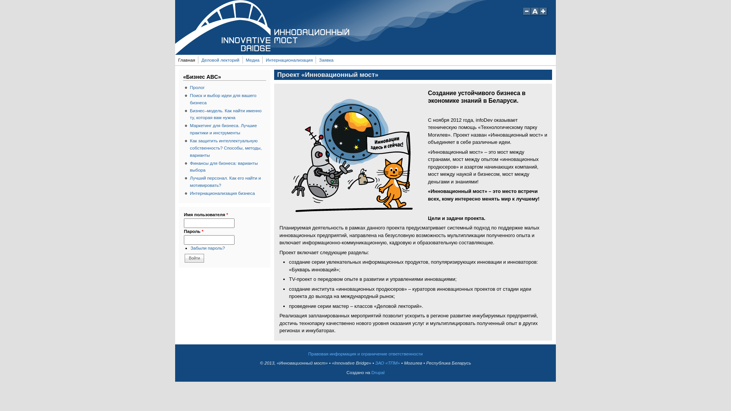  What do you see at coordinates (378, 372) in the screenshot?
I see `'Drupal'` at bounding box center [378, 372].